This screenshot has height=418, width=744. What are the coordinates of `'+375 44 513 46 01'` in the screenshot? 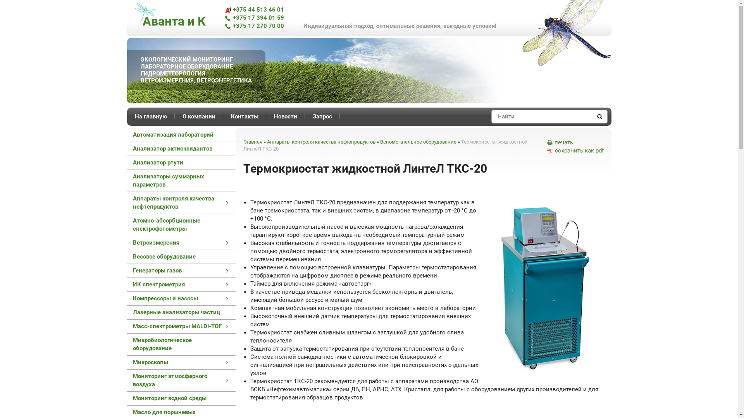 It's located at (254, 9).